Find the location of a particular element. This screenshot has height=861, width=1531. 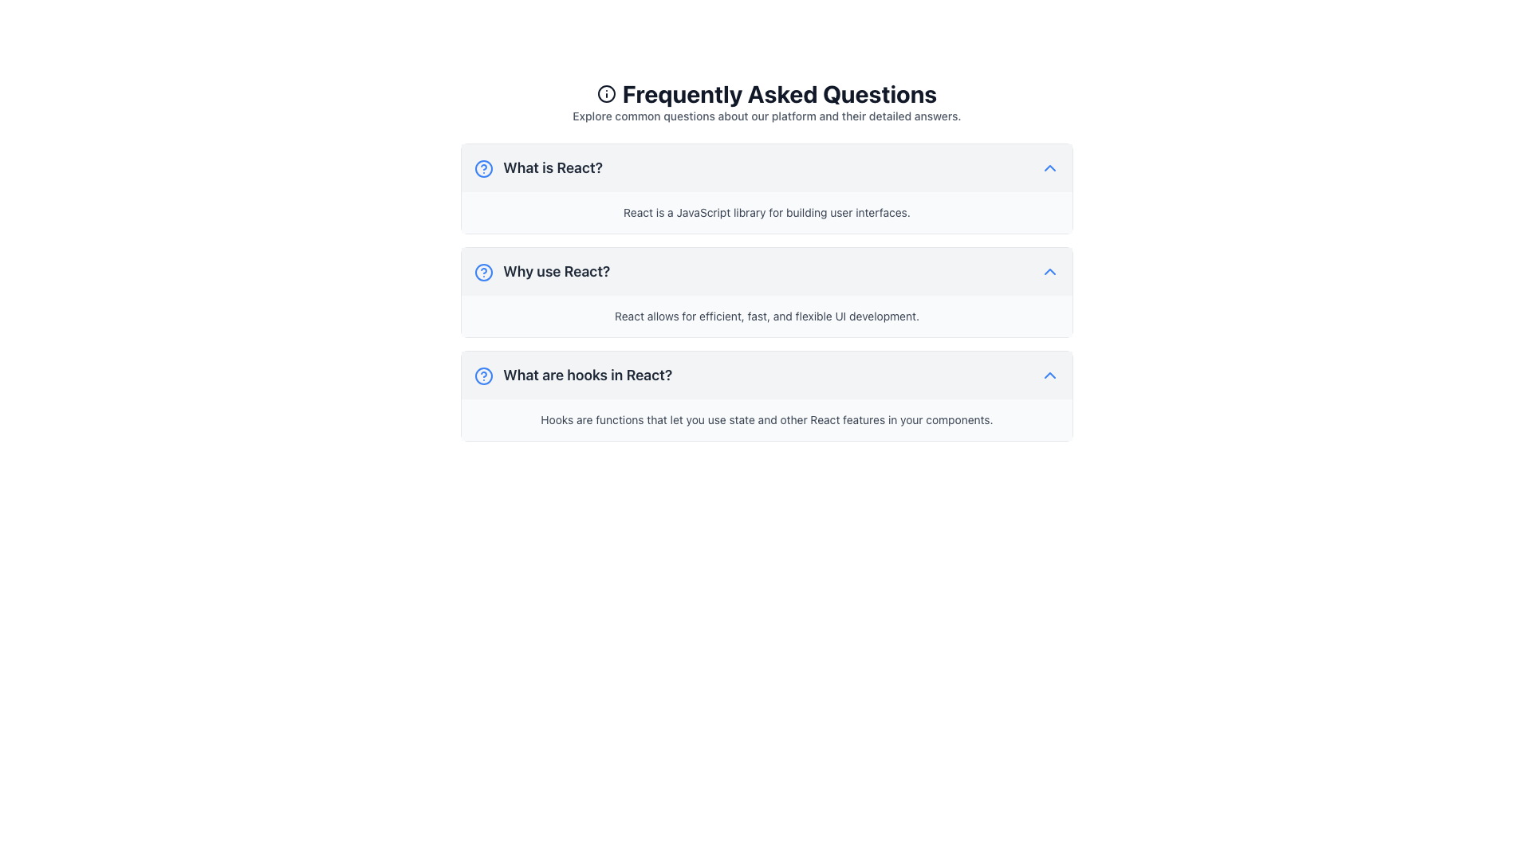

the blue circular icon with a question mark at the center, located next to the text 'Why use React?' in the second list item is located at coordinates (482, 272).